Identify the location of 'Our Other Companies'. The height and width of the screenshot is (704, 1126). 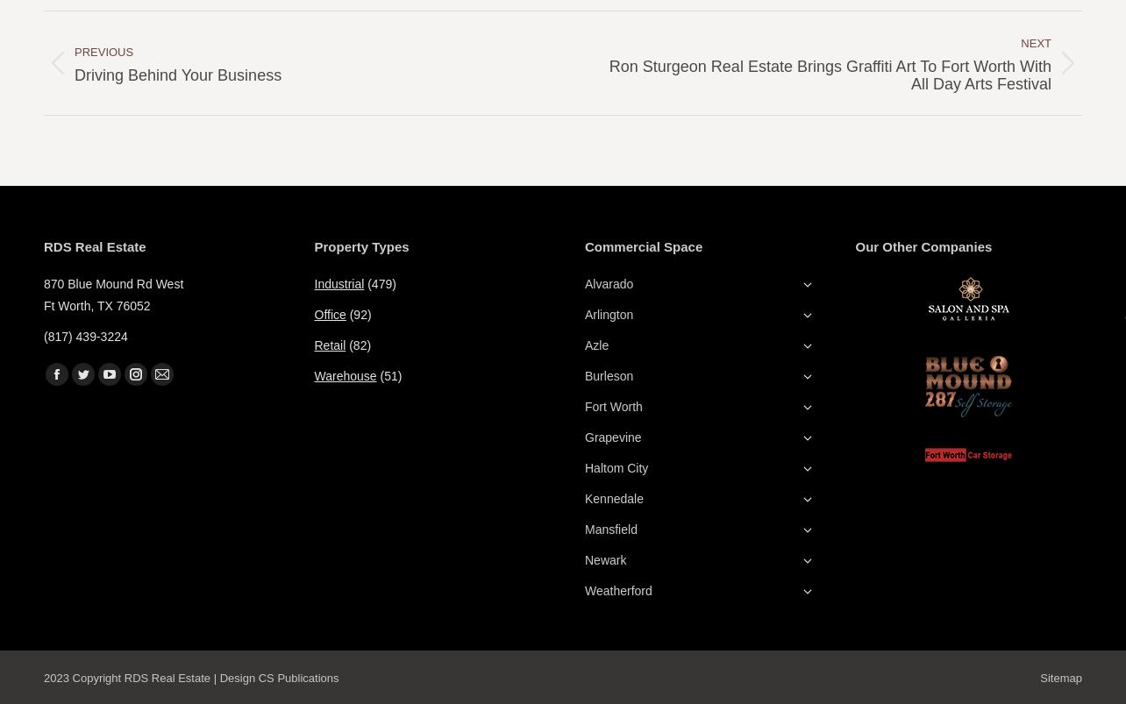
(923, 246).